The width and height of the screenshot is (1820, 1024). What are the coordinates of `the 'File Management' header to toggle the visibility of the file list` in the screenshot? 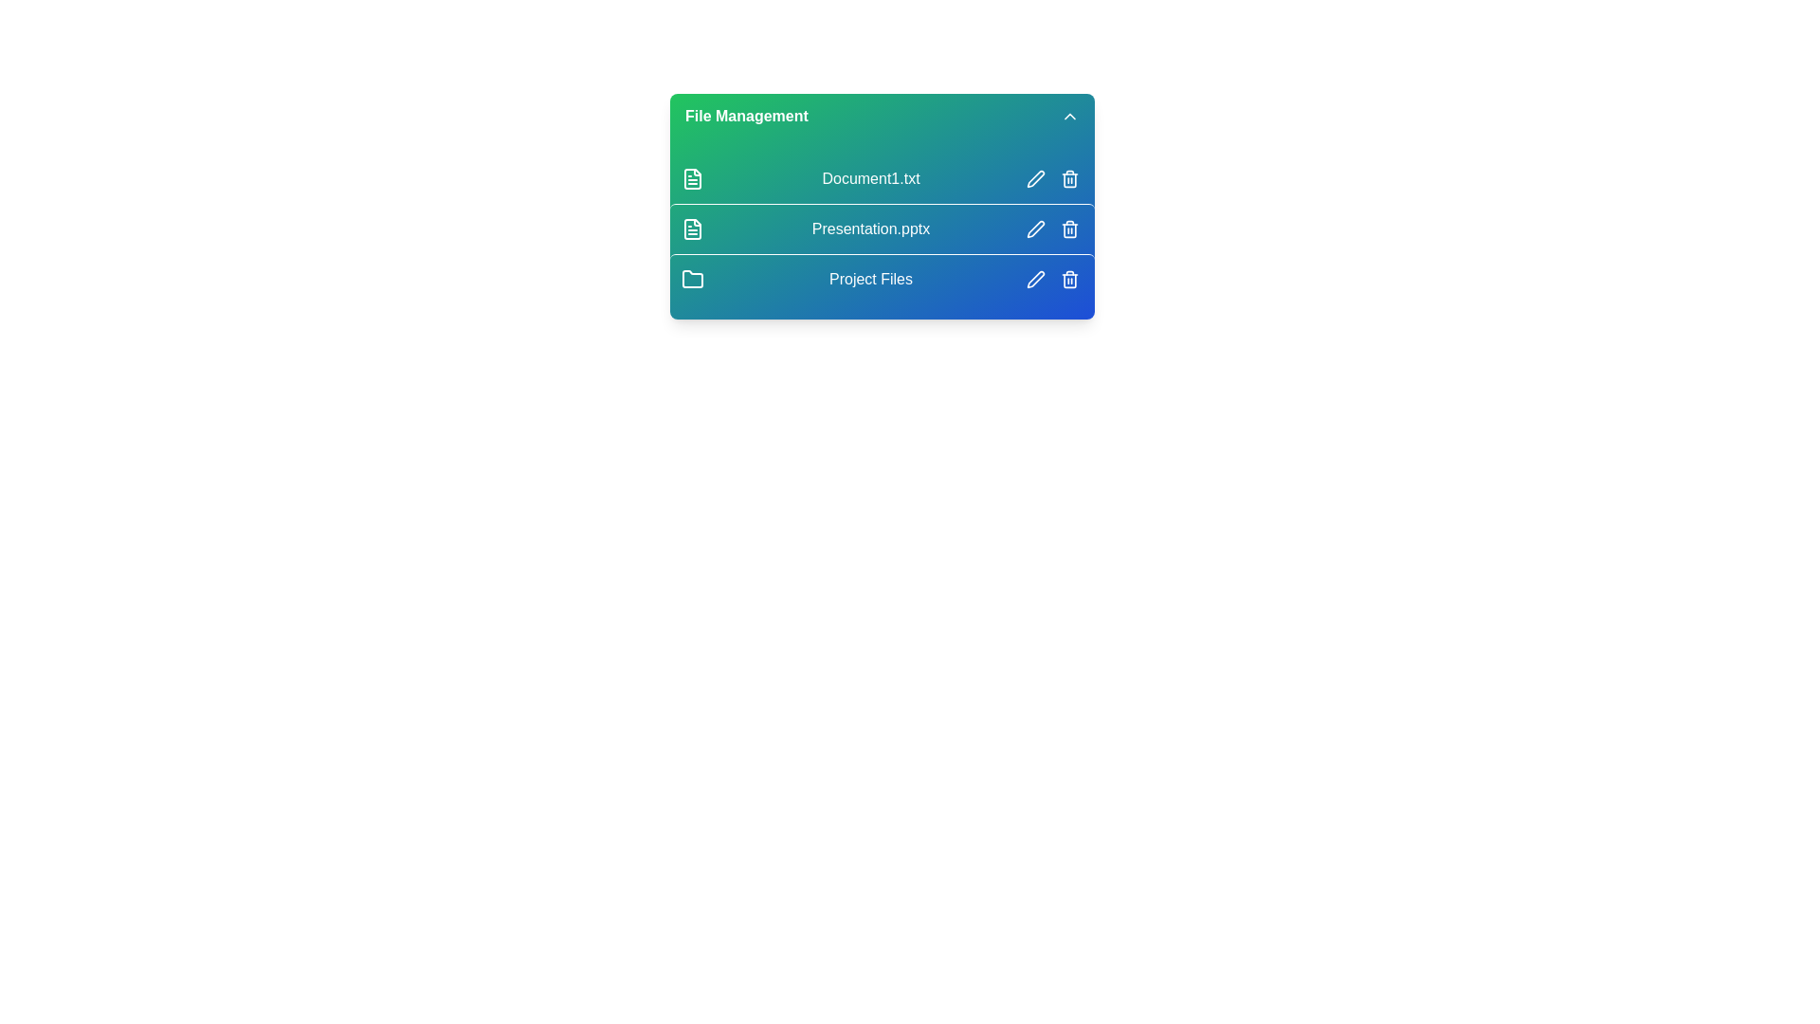 It's located at (882, 117).